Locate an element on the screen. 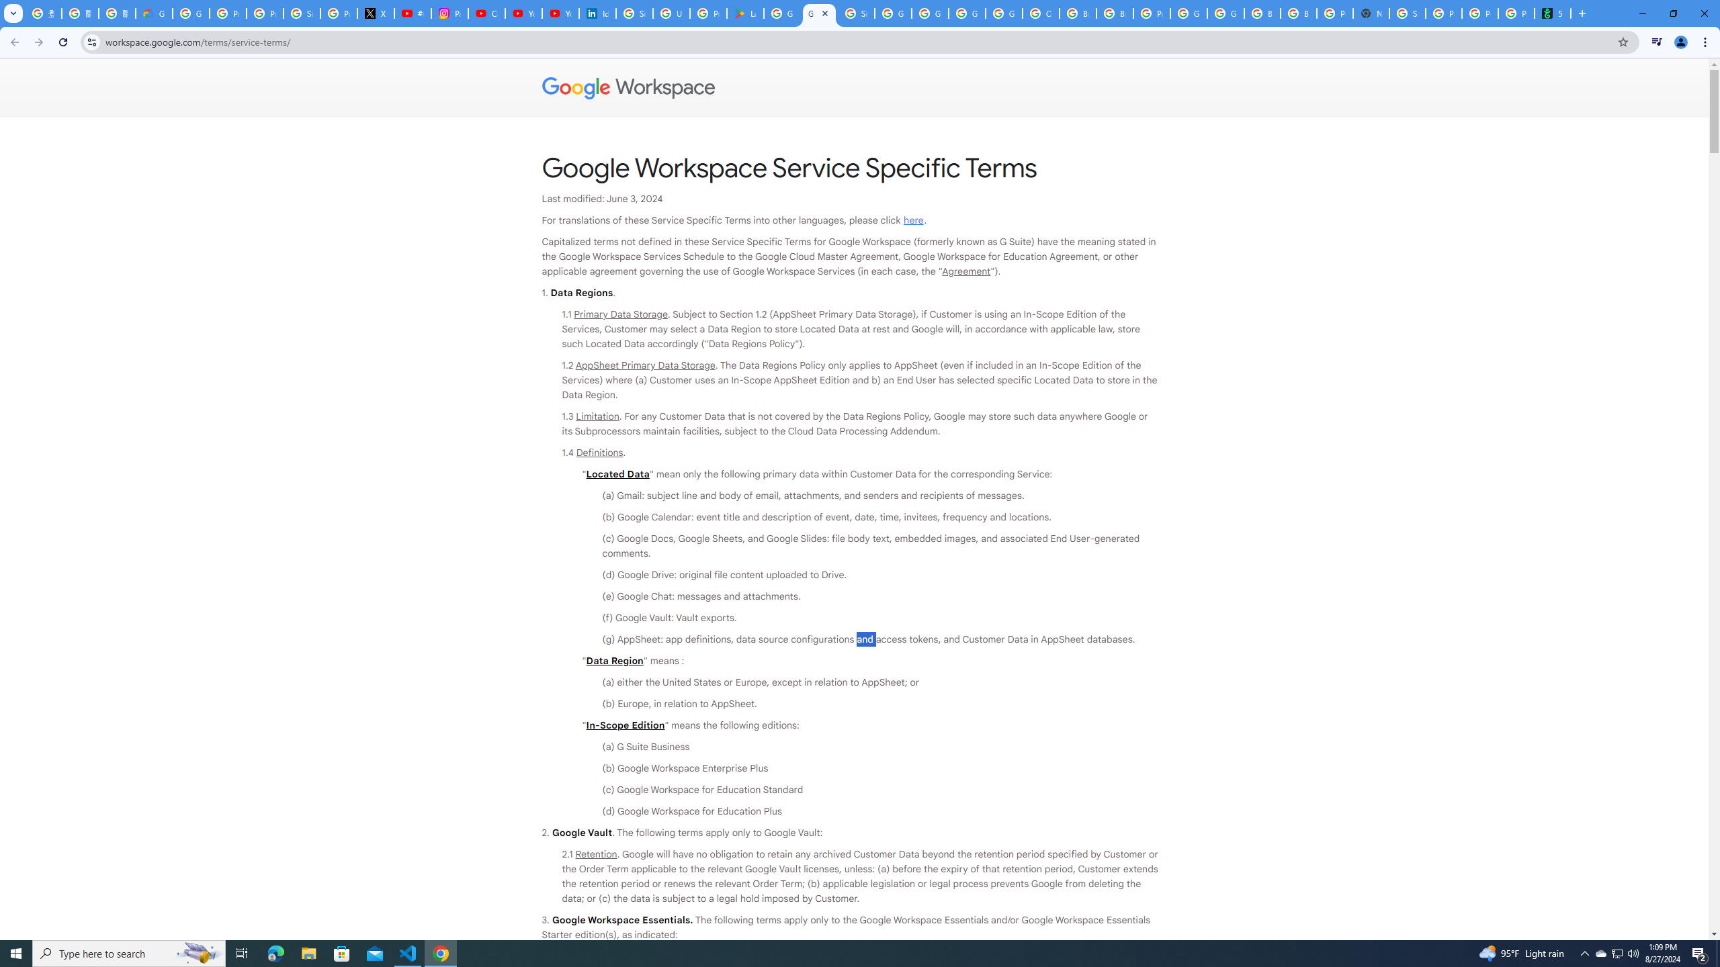 This screenshot has height=967, width=1720. 'Google Cloud Privacy Notice' is located at coordinates (153, 13).